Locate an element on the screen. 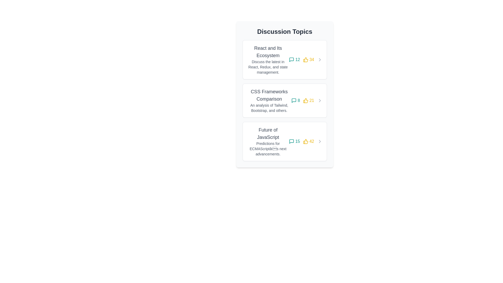  the static informational display showing the number of comments related to the discussion topic 'React and Its Ecosystem', positioned in the uppermost discussion card under 'Discussion Topics' is located at coordinates (294, 59).